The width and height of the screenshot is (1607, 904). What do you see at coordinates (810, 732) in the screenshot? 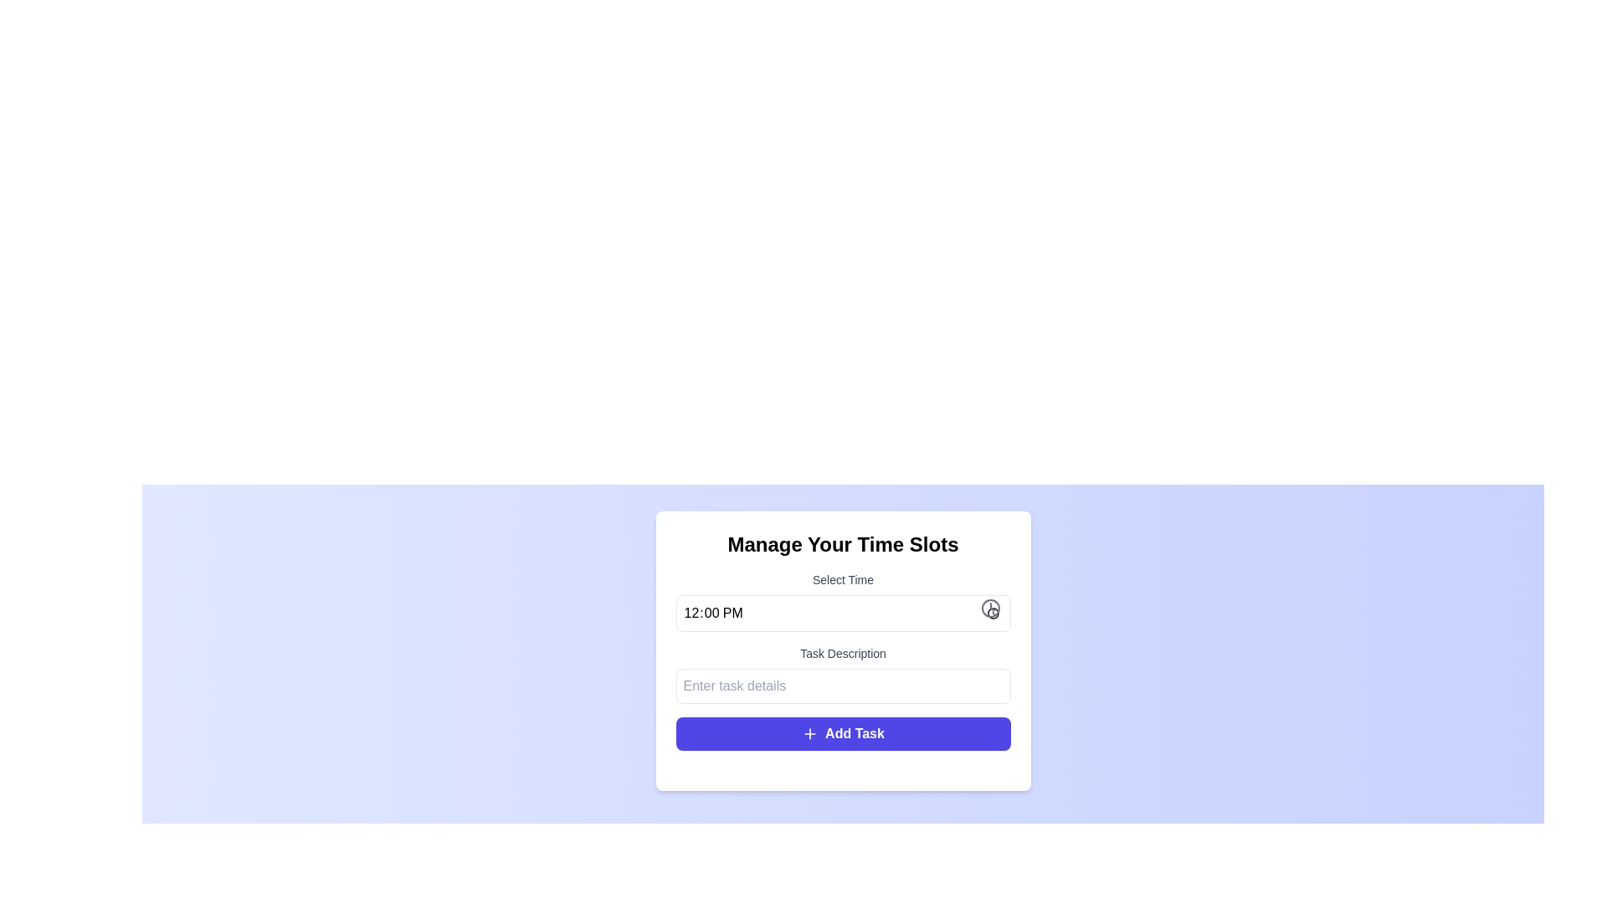
I see `the 'Add Task' icon located on the left side of the button labeled 'Add Task', which signifies an action related` at bounding box center [810, 732].